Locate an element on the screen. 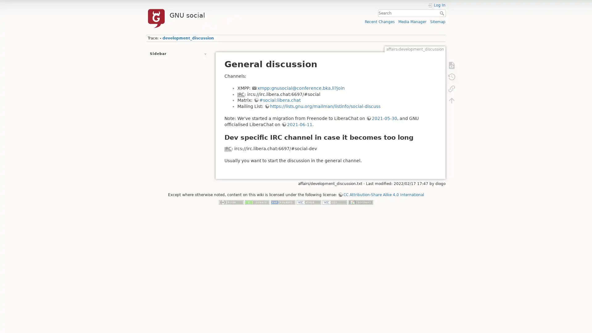 The width and height of the screenshot is (592, 333). Search is located at coordinates (442, 13).